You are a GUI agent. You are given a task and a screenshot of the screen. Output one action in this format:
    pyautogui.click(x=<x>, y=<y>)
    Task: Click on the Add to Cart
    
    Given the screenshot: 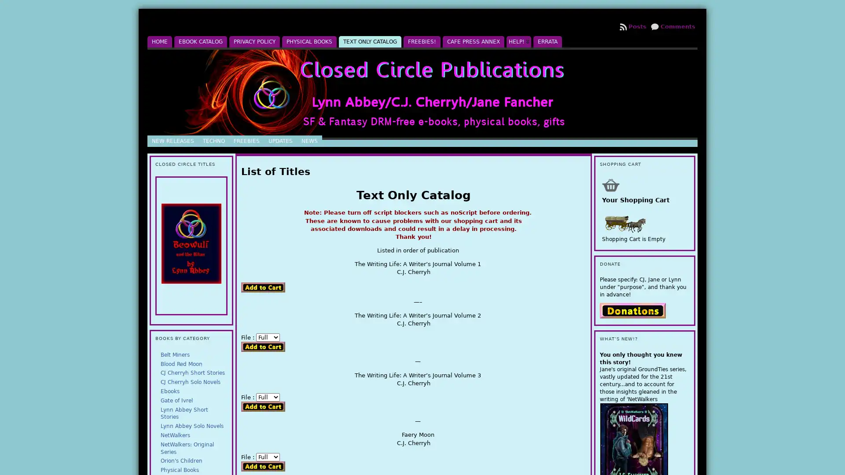 What is the action you would take?
    pyautogui.click(x=263, y=465)
    